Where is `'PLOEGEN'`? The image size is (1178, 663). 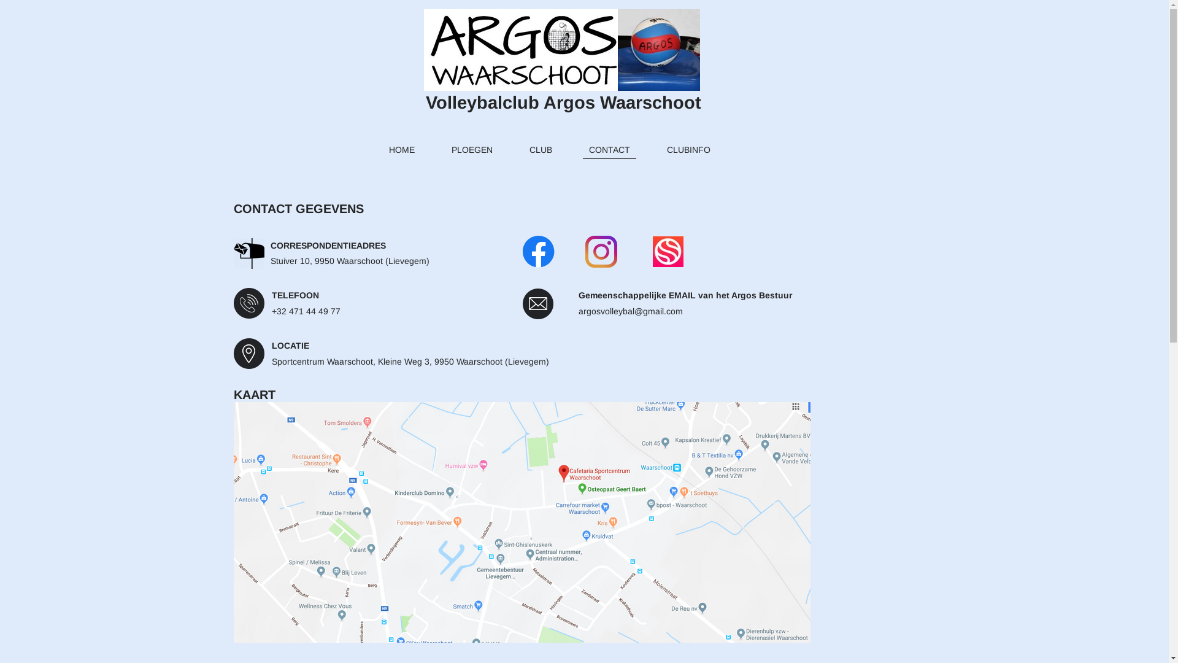
'PLOEGEN' is located at coordinates (471, 149).